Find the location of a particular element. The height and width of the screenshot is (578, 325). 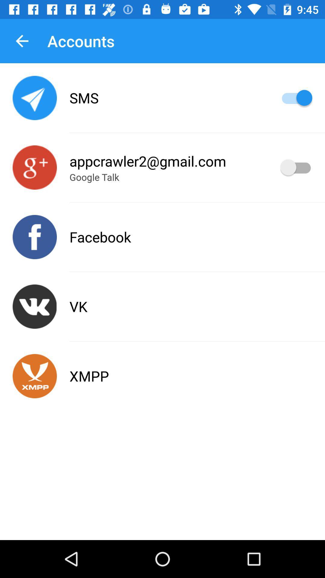

open facebook app is located at coordinates (35, 237).